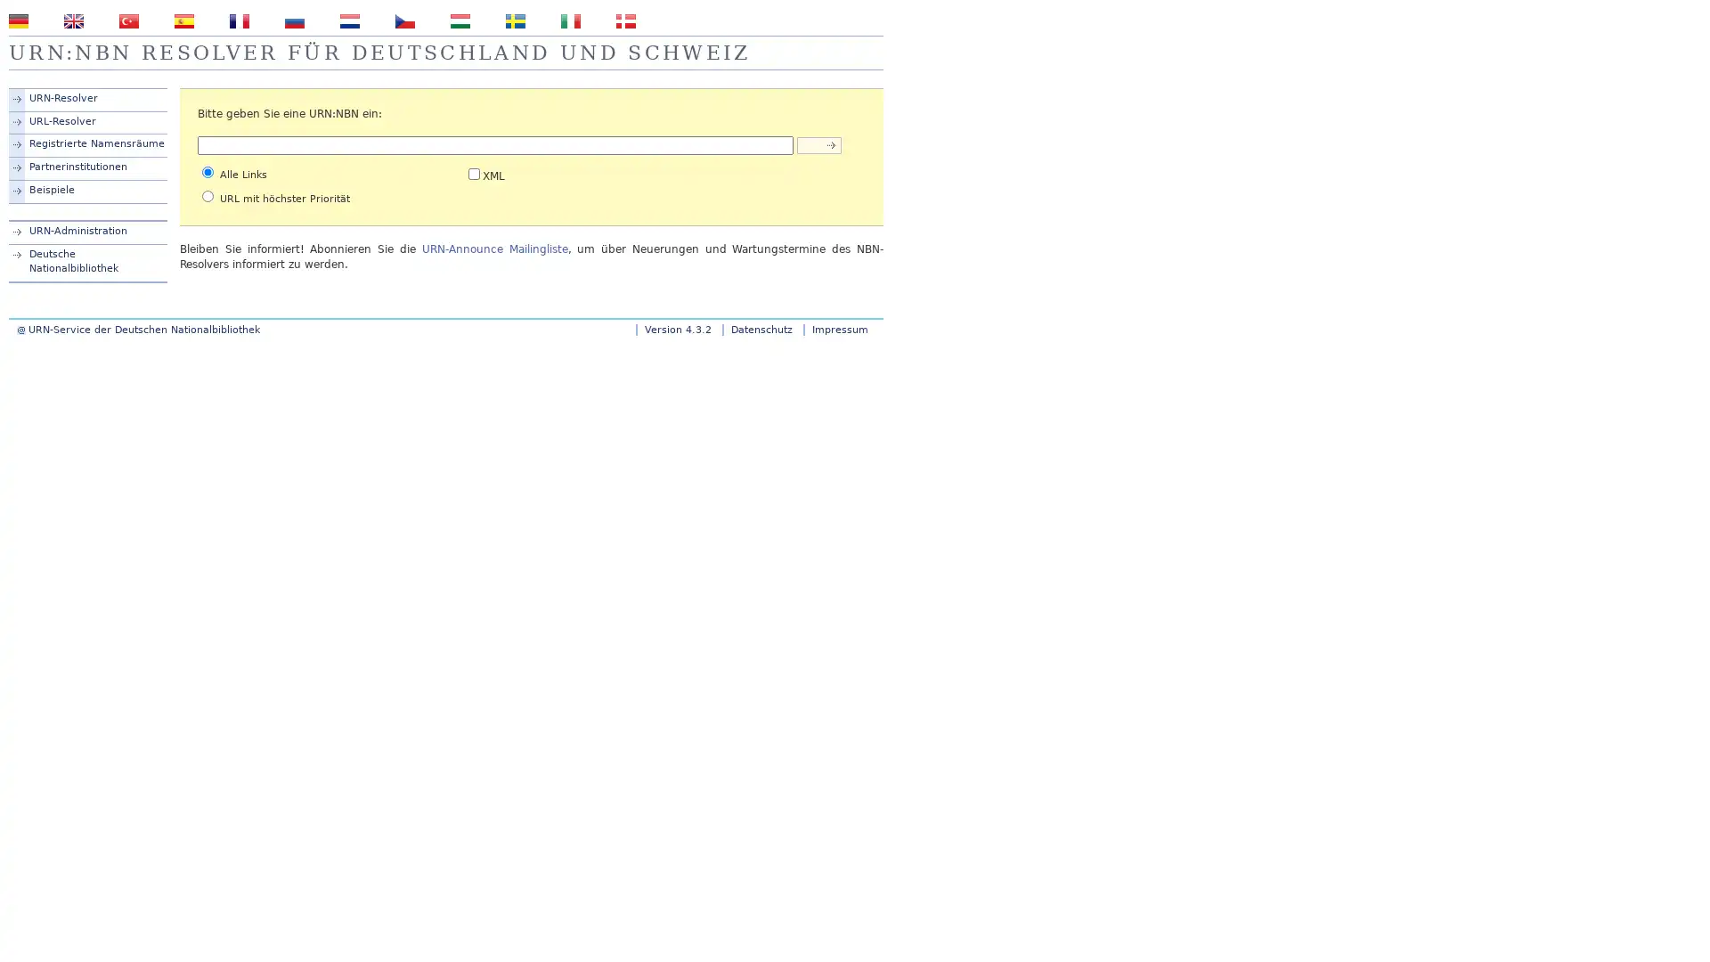  What do you see at coordinates (72, 20) in the screenshot?
I see `us` at bounding box center [72, 20].